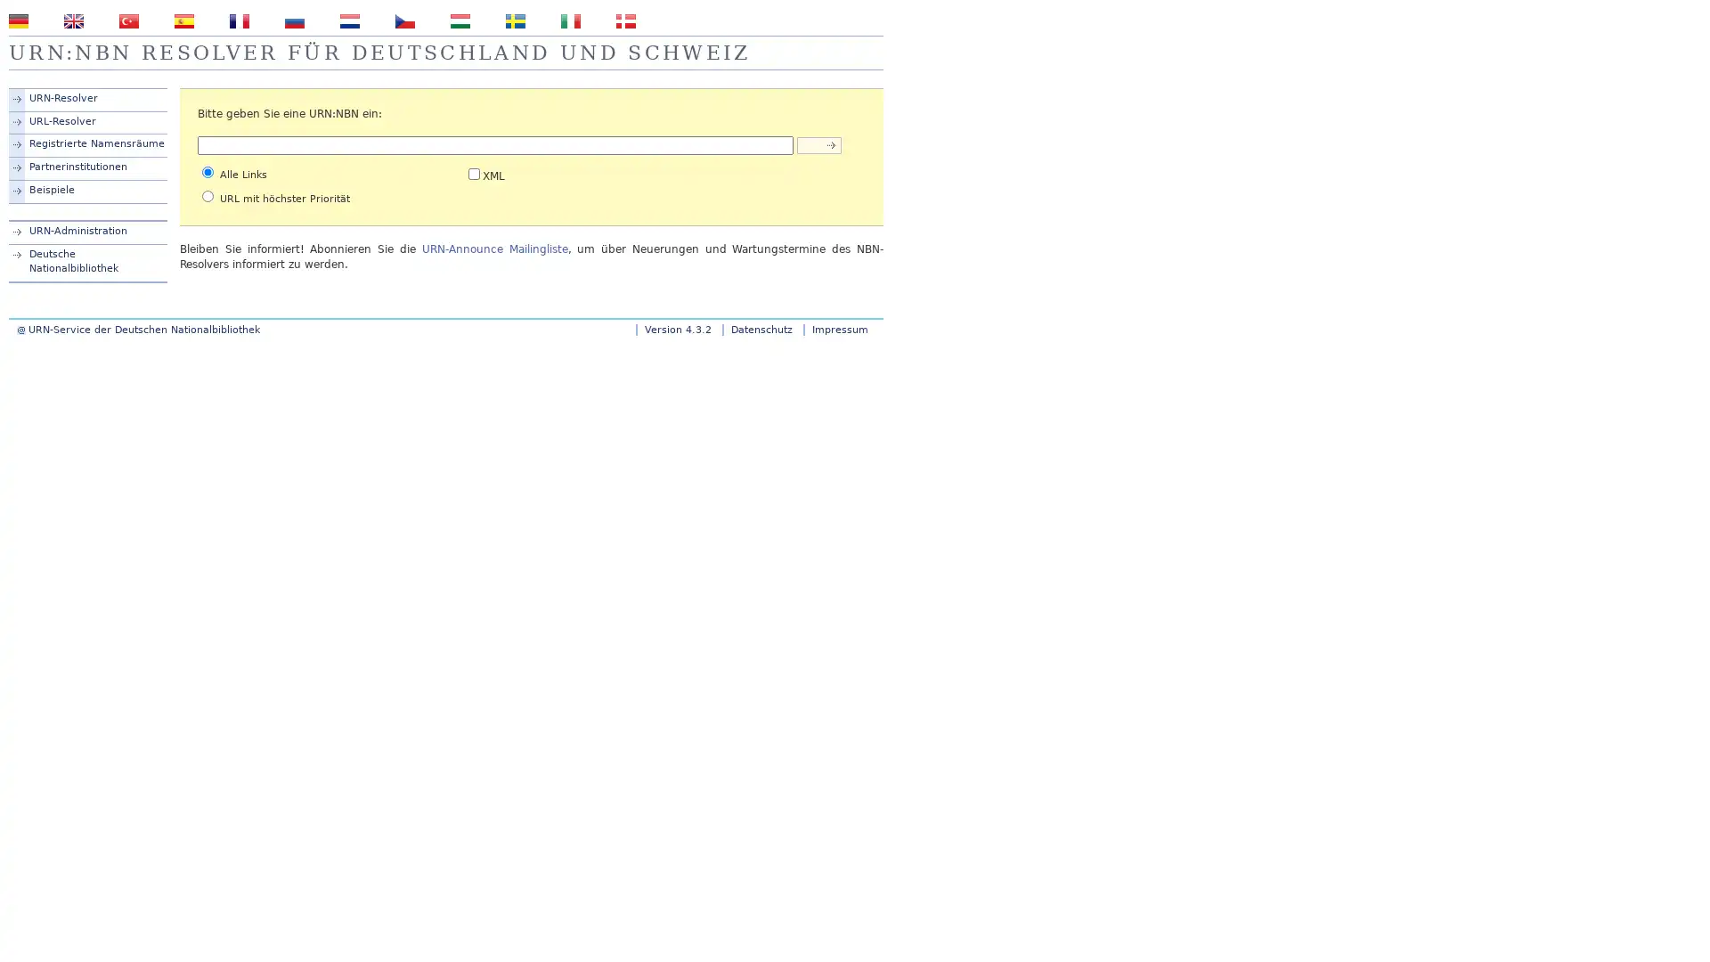  What do you see at coordinates (72, 20) in the screenshot?
I see `us` at bounding box center [72, 20].